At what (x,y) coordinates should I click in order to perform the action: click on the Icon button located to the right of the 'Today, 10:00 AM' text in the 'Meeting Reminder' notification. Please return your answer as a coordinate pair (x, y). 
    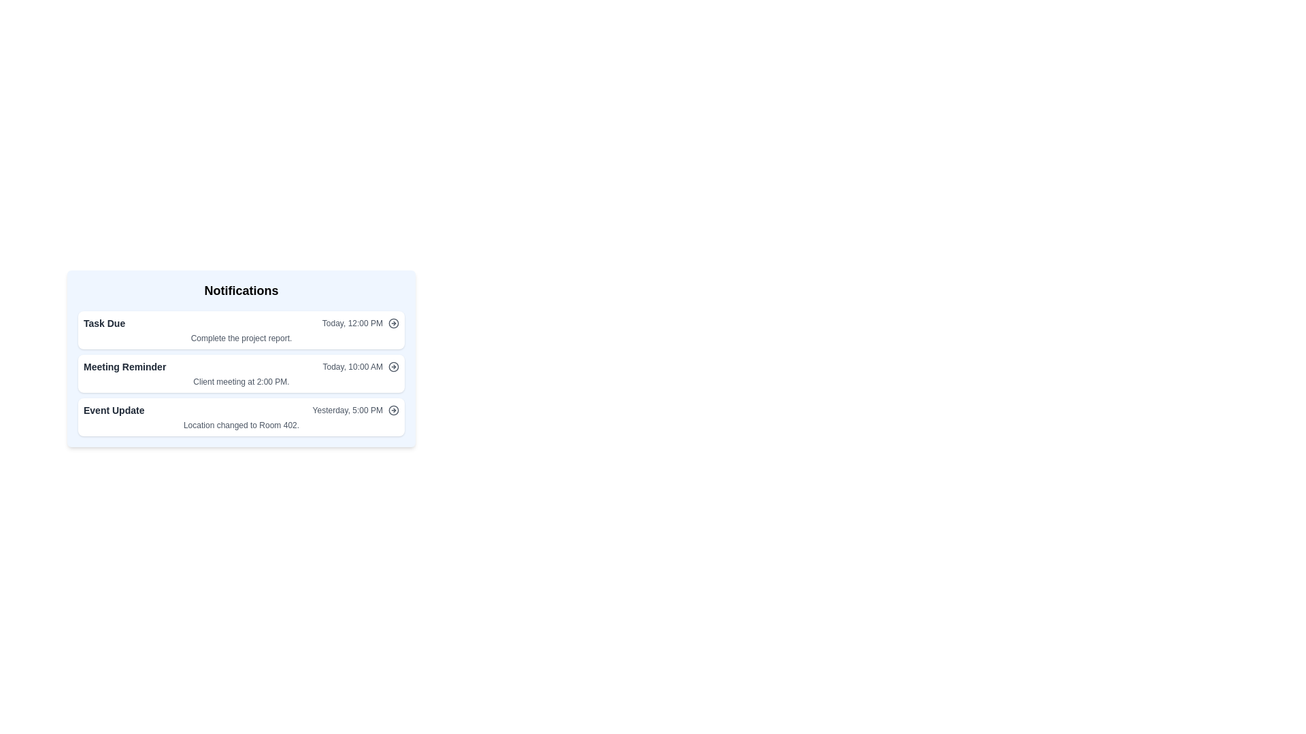
    Looking at the image, I should click on (393, 367).